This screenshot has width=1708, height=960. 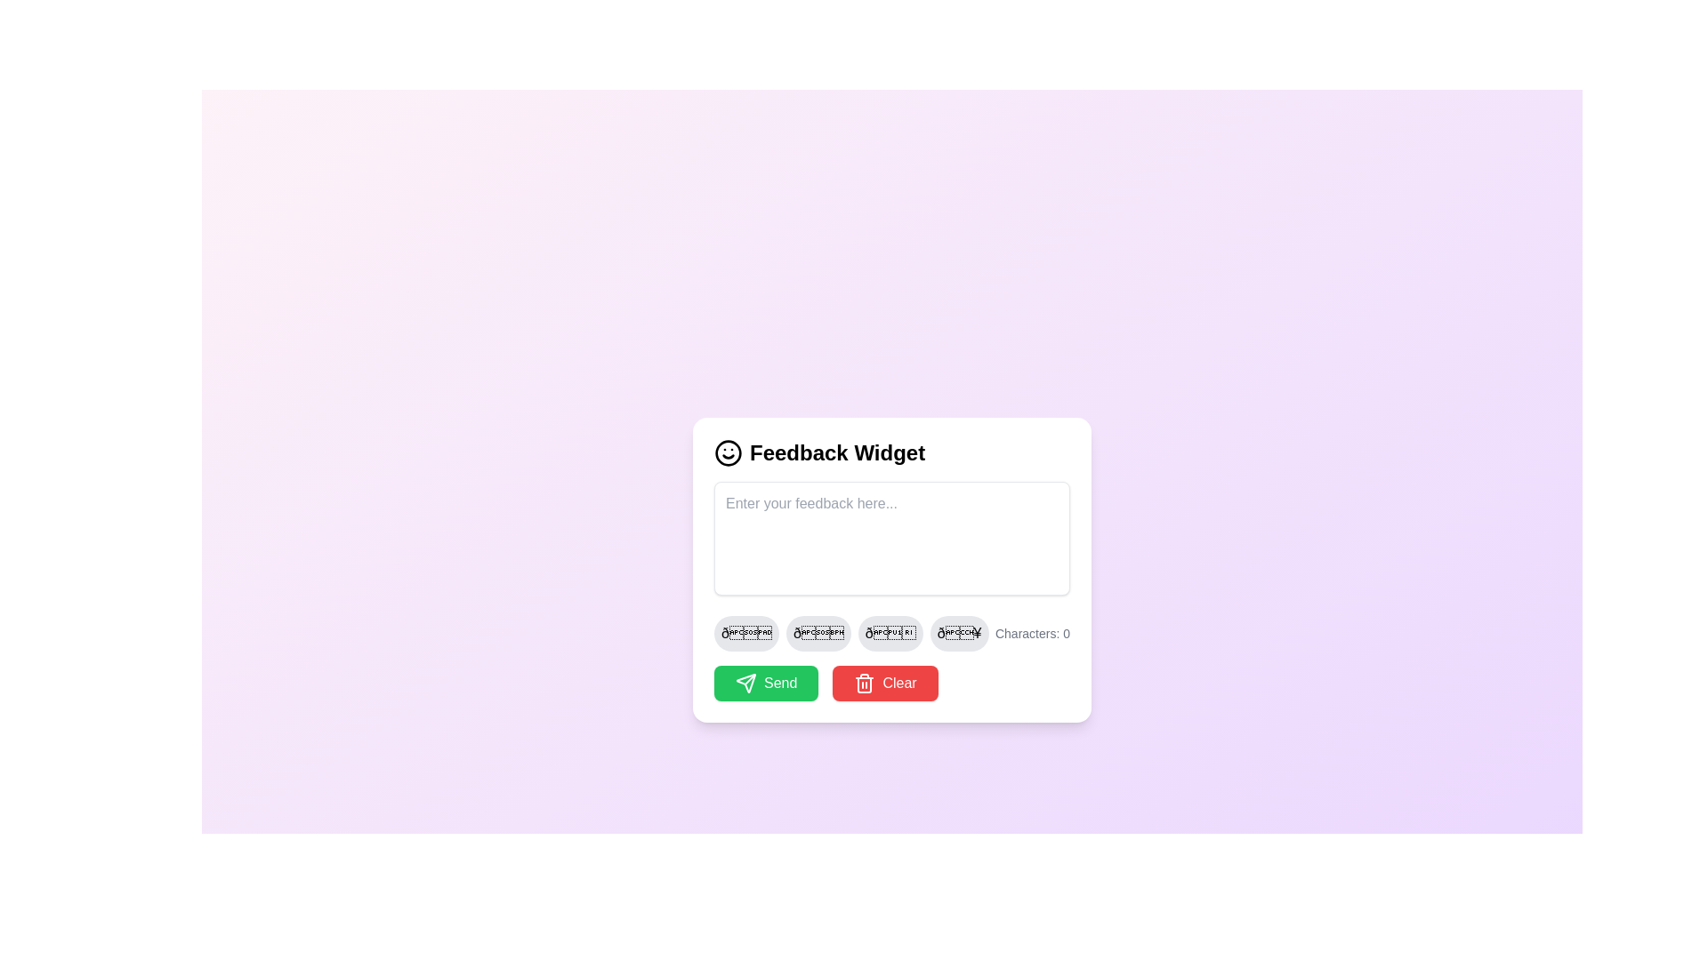 What do you see at coordinates (885, 682) in the screenshot?
I see `the 'Clear' button, which is a rectangular button with a red background and white text, located immediately to the right of the green 'Send' button` at bounding box center [885, 682].